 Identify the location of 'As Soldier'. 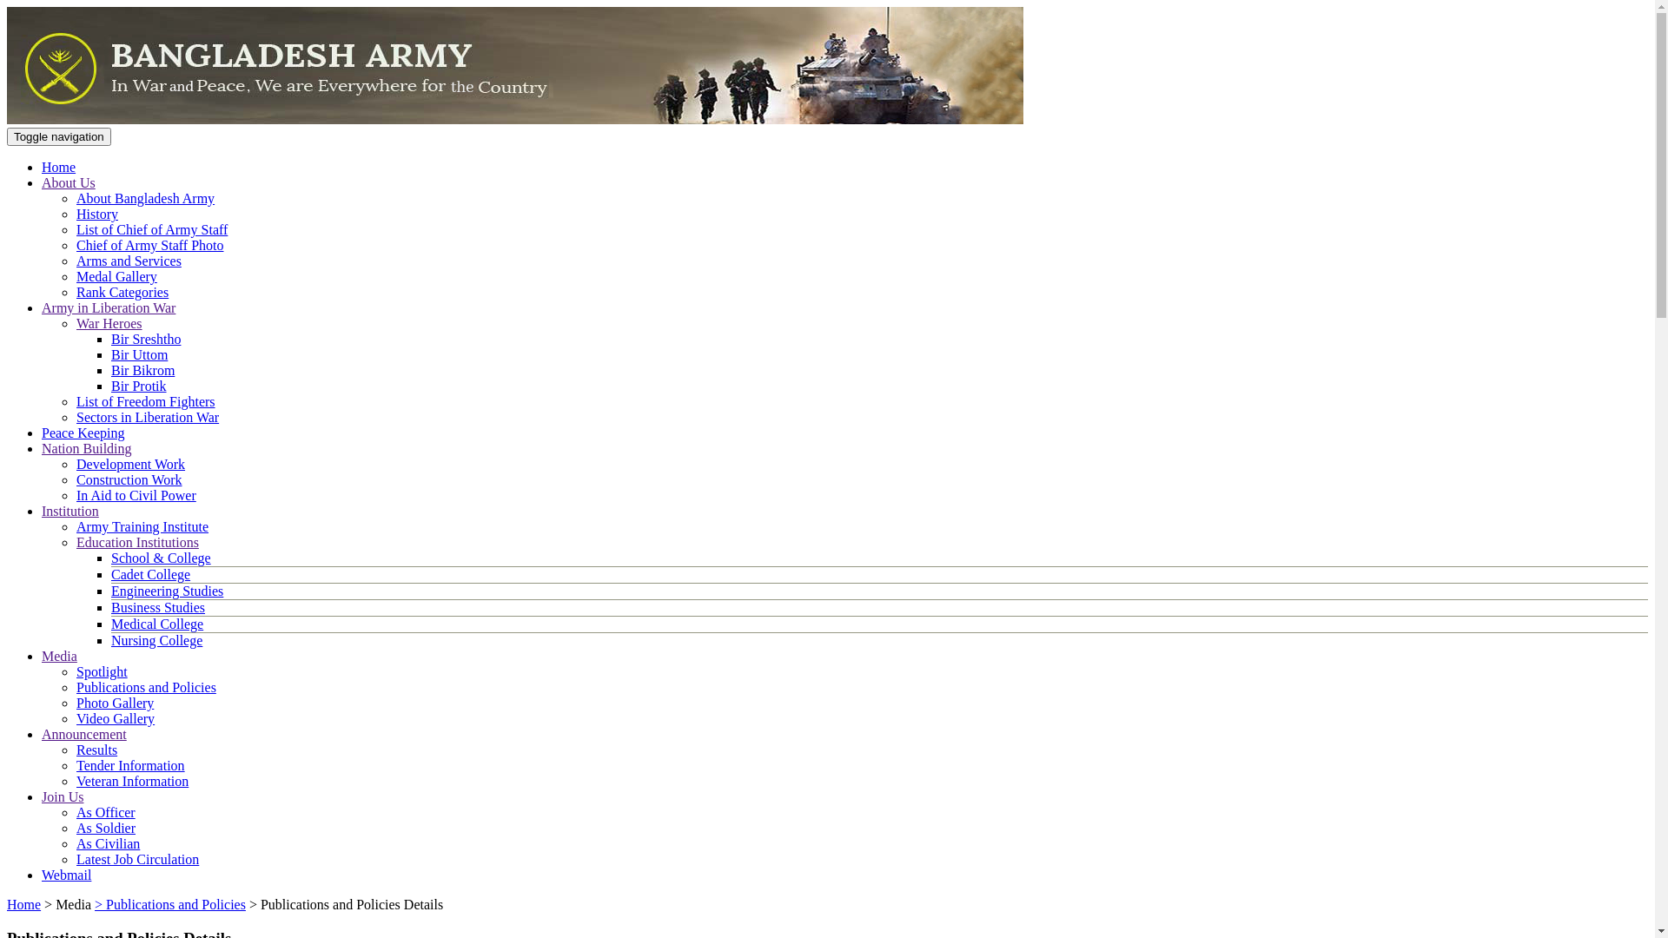
(104, 827).